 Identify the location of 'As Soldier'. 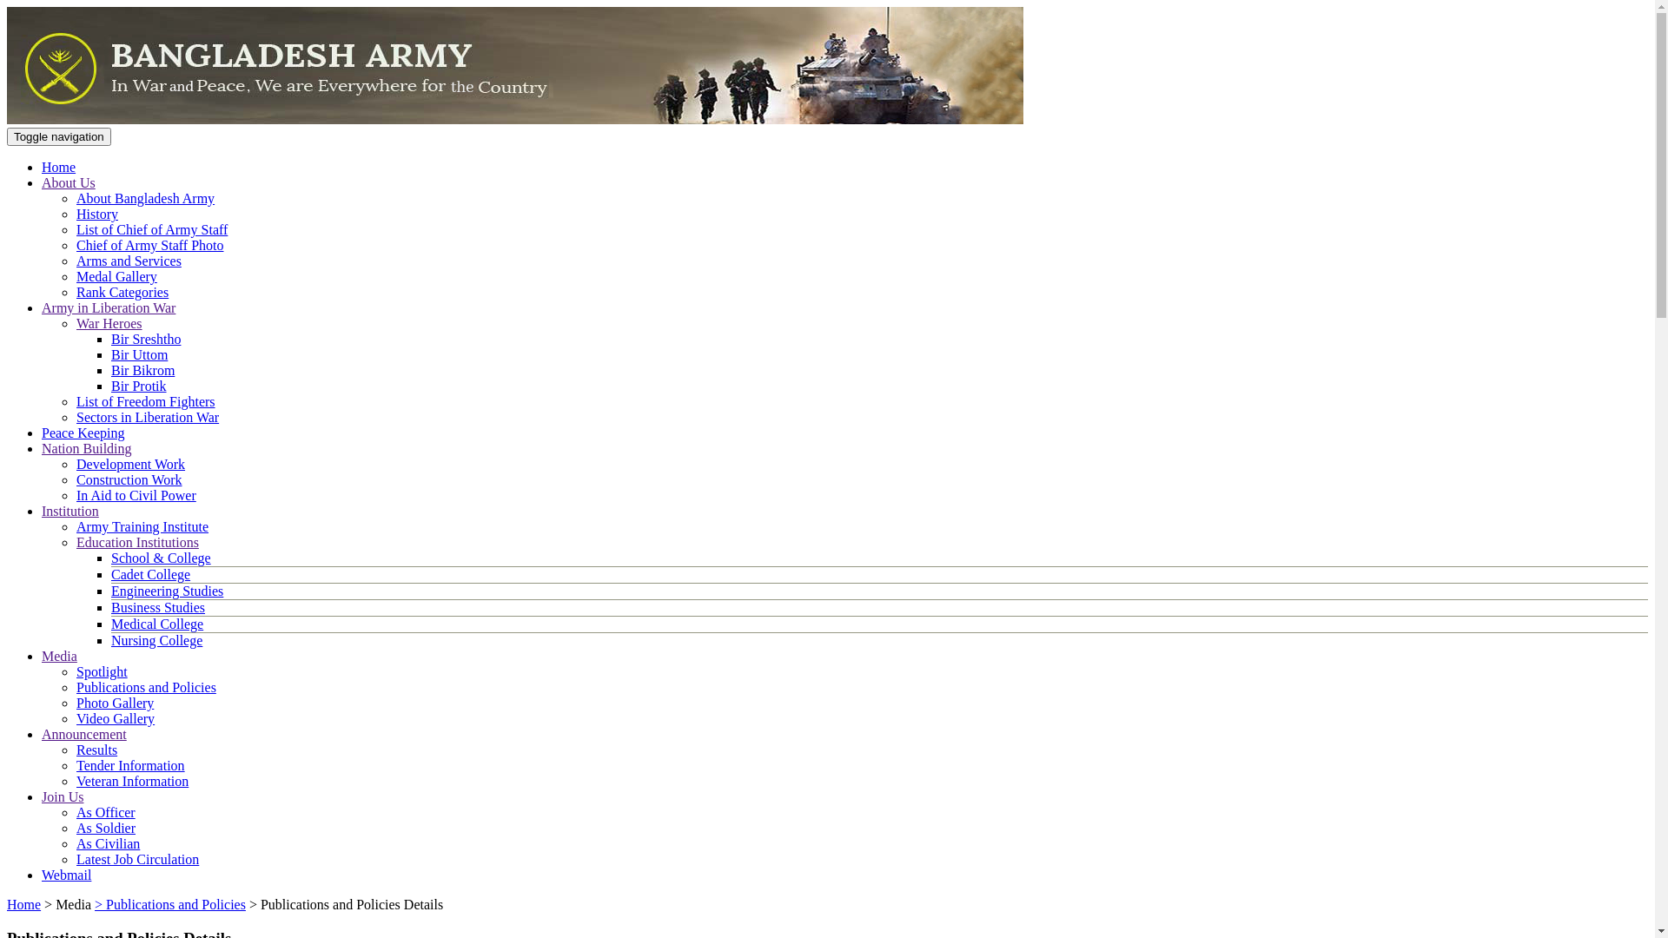
(104, 827).